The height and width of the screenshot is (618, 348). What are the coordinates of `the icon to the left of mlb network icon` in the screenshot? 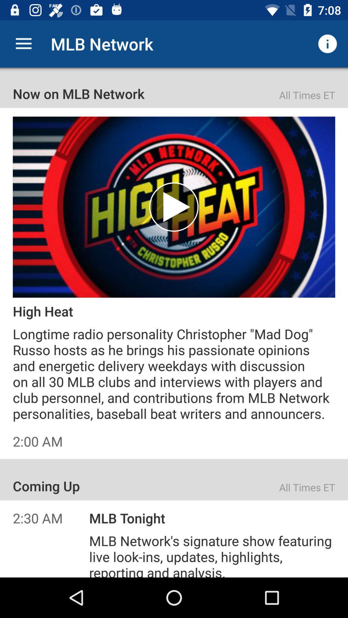 It's located at (23, 43).